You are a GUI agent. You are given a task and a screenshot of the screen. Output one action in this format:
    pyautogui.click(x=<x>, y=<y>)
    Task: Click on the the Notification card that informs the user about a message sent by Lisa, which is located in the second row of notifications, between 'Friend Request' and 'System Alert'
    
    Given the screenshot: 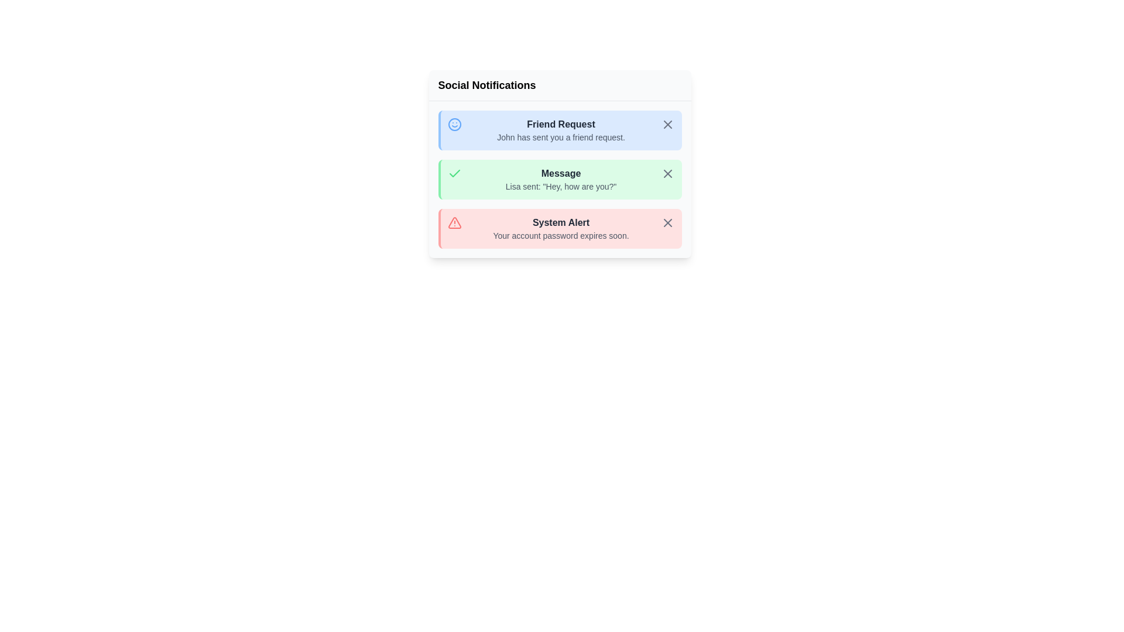 What is the action you would take?
    pyautogui.click(x=559, y=180)
    